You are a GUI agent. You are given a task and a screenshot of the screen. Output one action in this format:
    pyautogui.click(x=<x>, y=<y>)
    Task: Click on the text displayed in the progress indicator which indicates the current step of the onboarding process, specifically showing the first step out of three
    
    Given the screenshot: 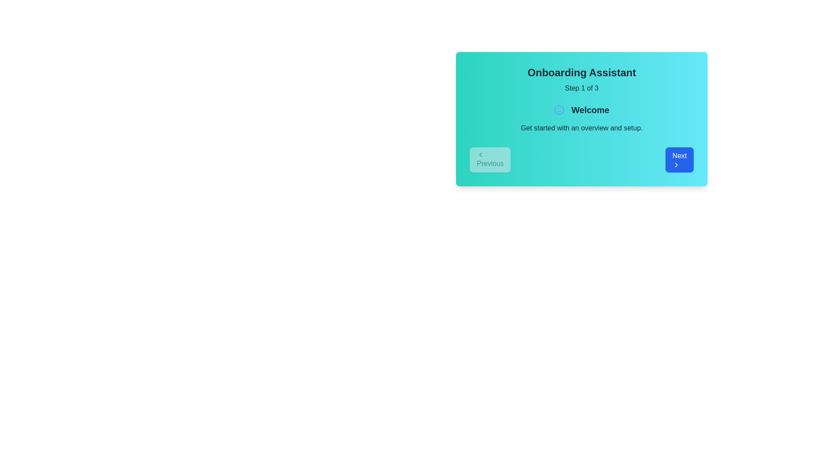 What is the action you would take?
    pyautogui.click(x=581, y=88)
    